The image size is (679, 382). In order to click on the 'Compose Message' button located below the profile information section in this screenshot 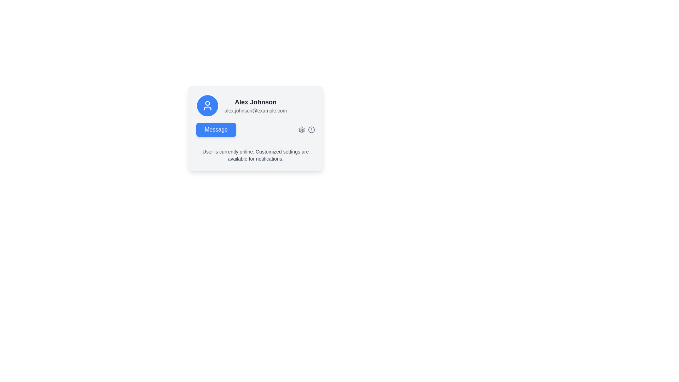, I will do `click(216, 129)`.